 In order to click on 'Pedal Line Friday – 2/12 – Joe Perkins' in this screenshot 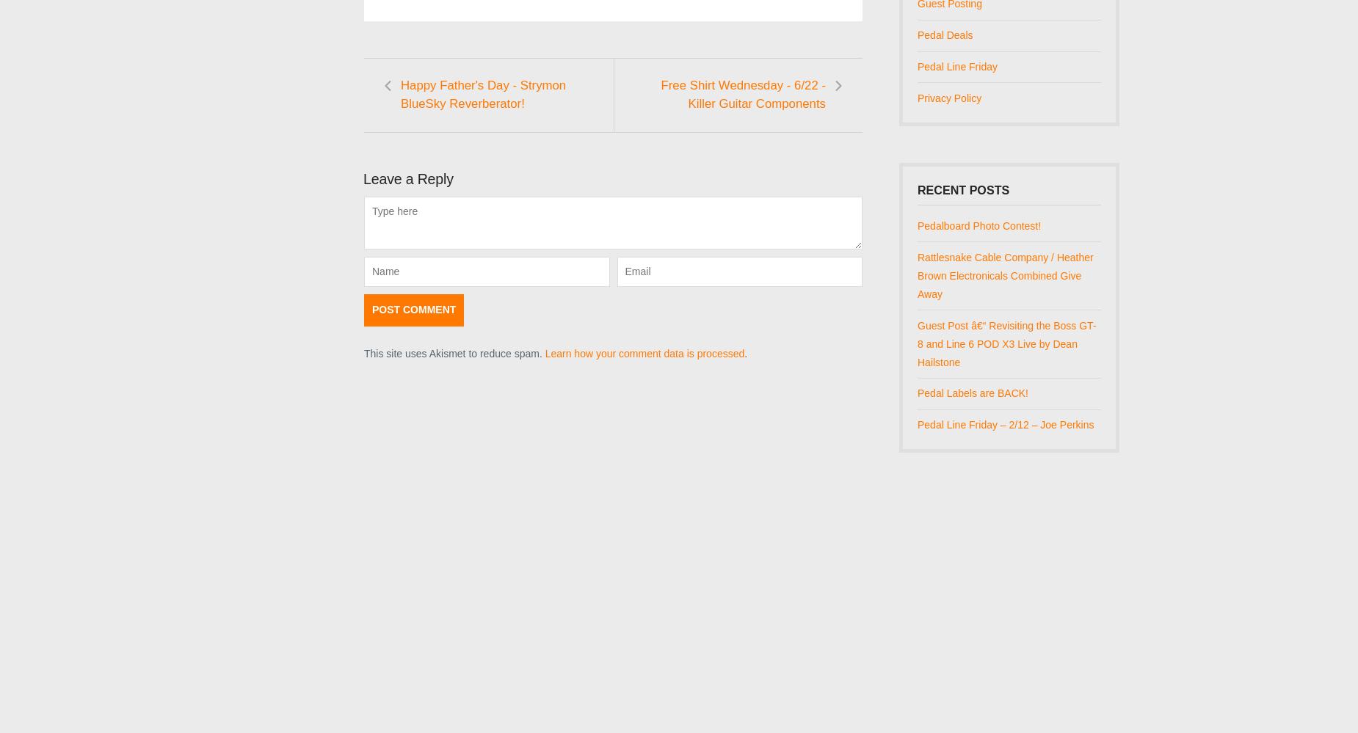, I will do `click(1004, 425)`.